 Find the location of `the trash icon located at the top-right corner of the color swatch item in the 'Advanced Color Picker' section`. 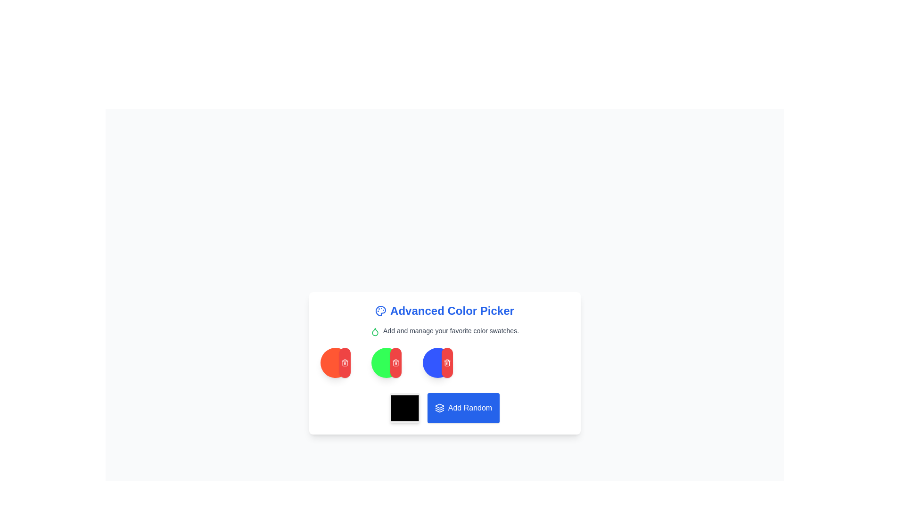

the trash icon located at the top-right corner of the color swatch item in the 'Advanced Color Picker' section is located at coordinates (396, 362).